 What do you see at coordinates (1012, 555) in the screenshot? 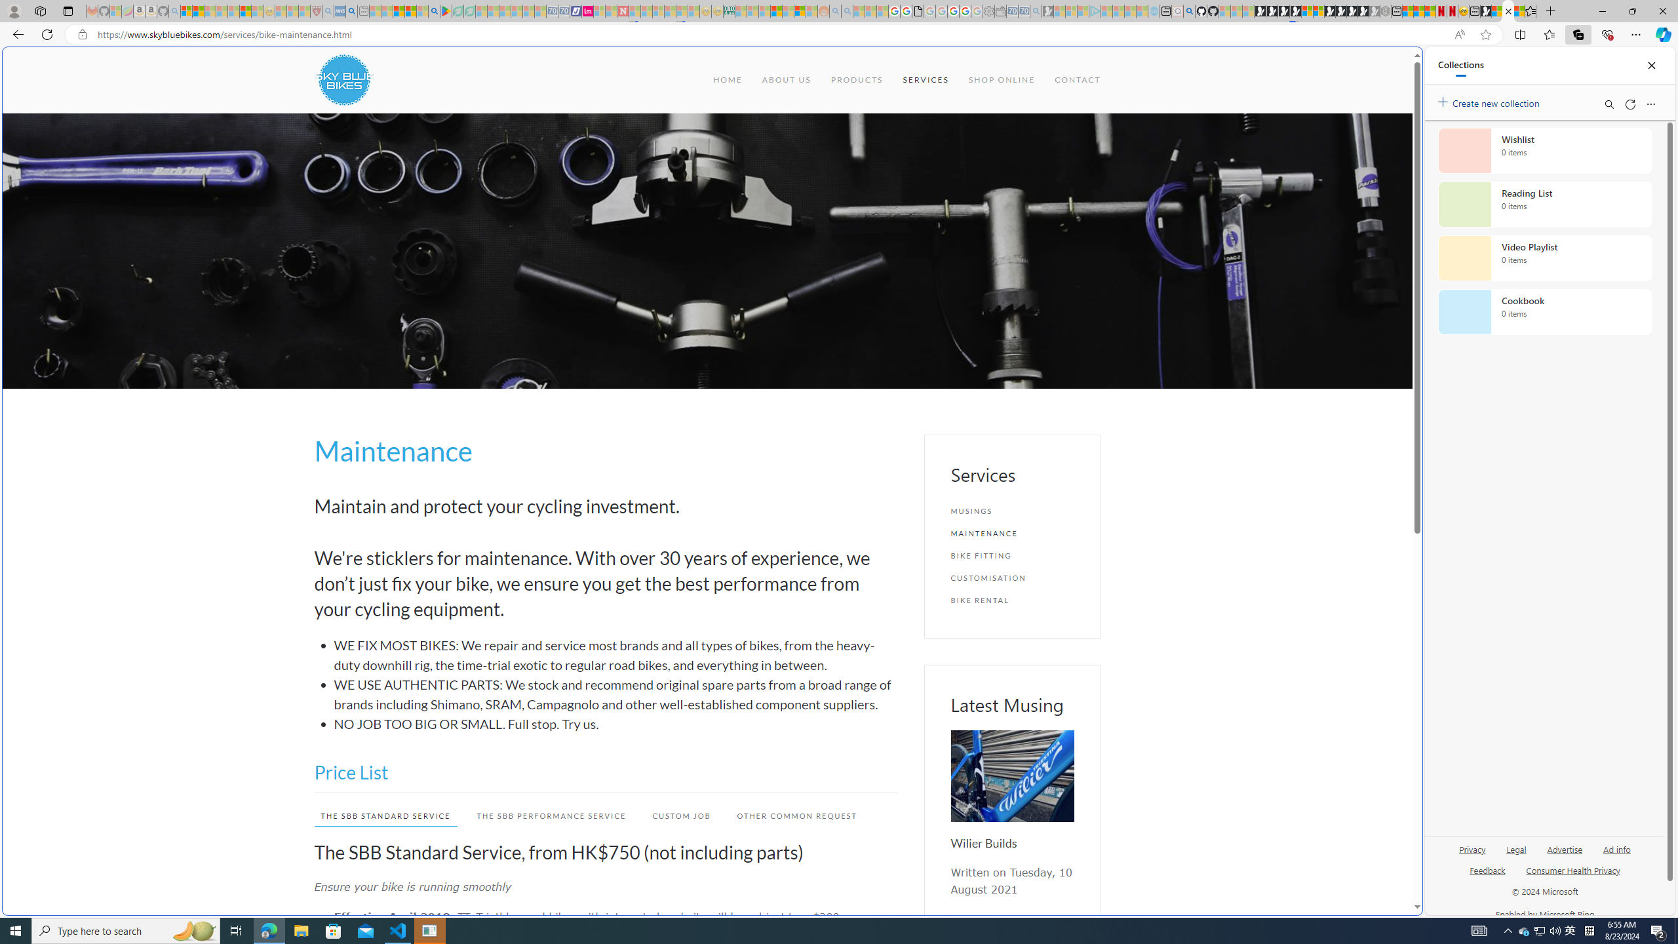
I see `'BIKE FITTING'` at bounding box center [1012, 555].